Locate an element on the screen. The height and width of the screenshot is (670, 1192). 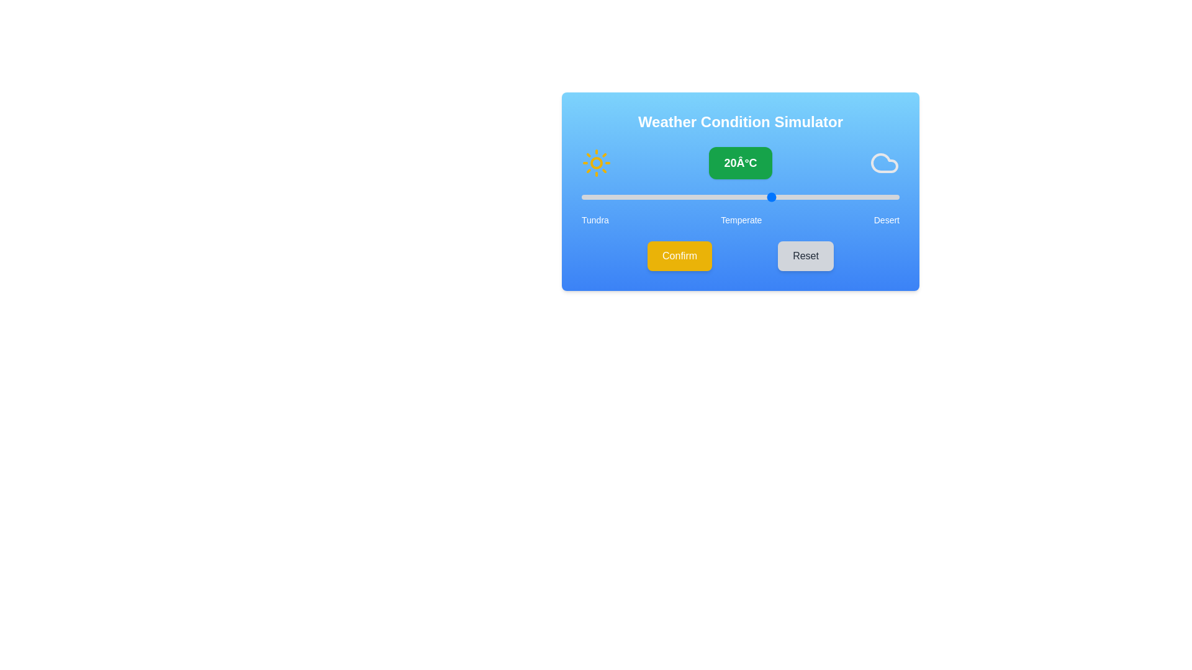
the label Temperate under the slider is located at coordinates (741, 219).